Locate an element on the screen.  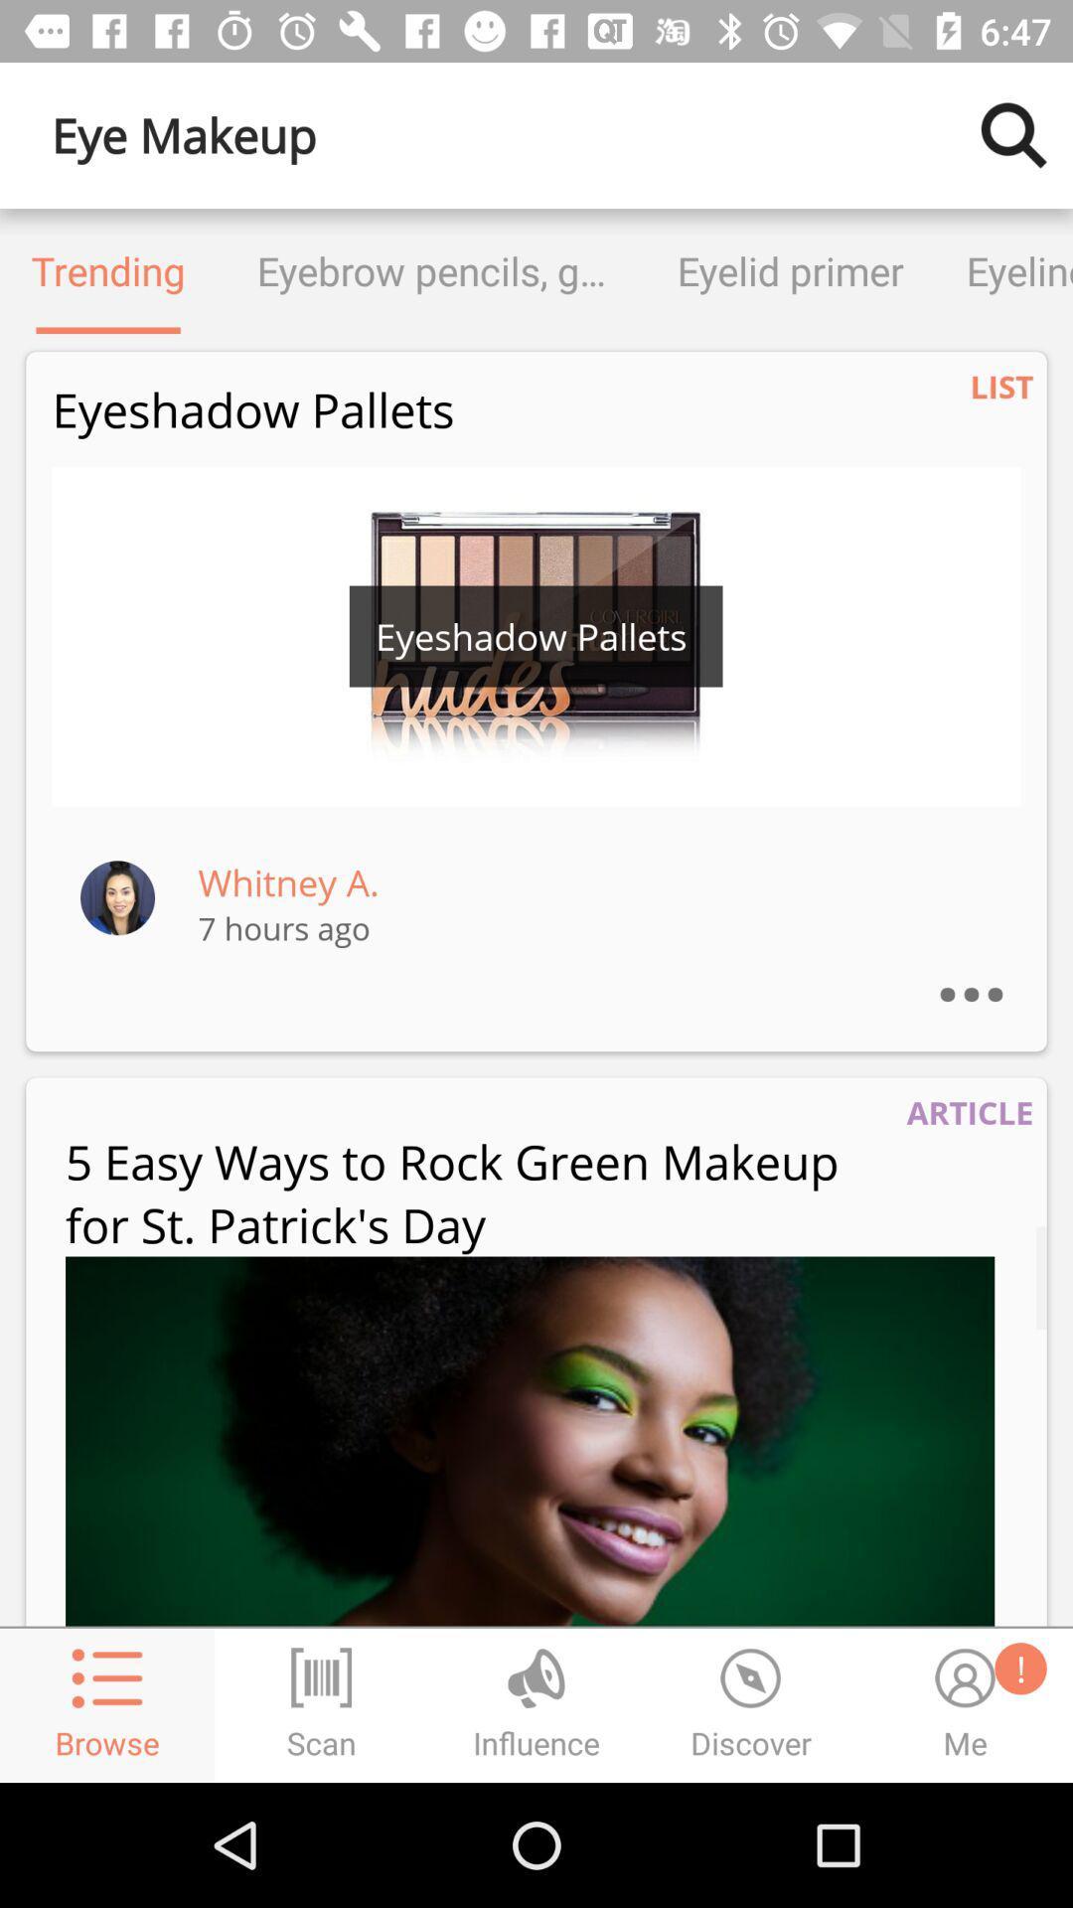
the icon above article item is located at coordinates (991, 968).